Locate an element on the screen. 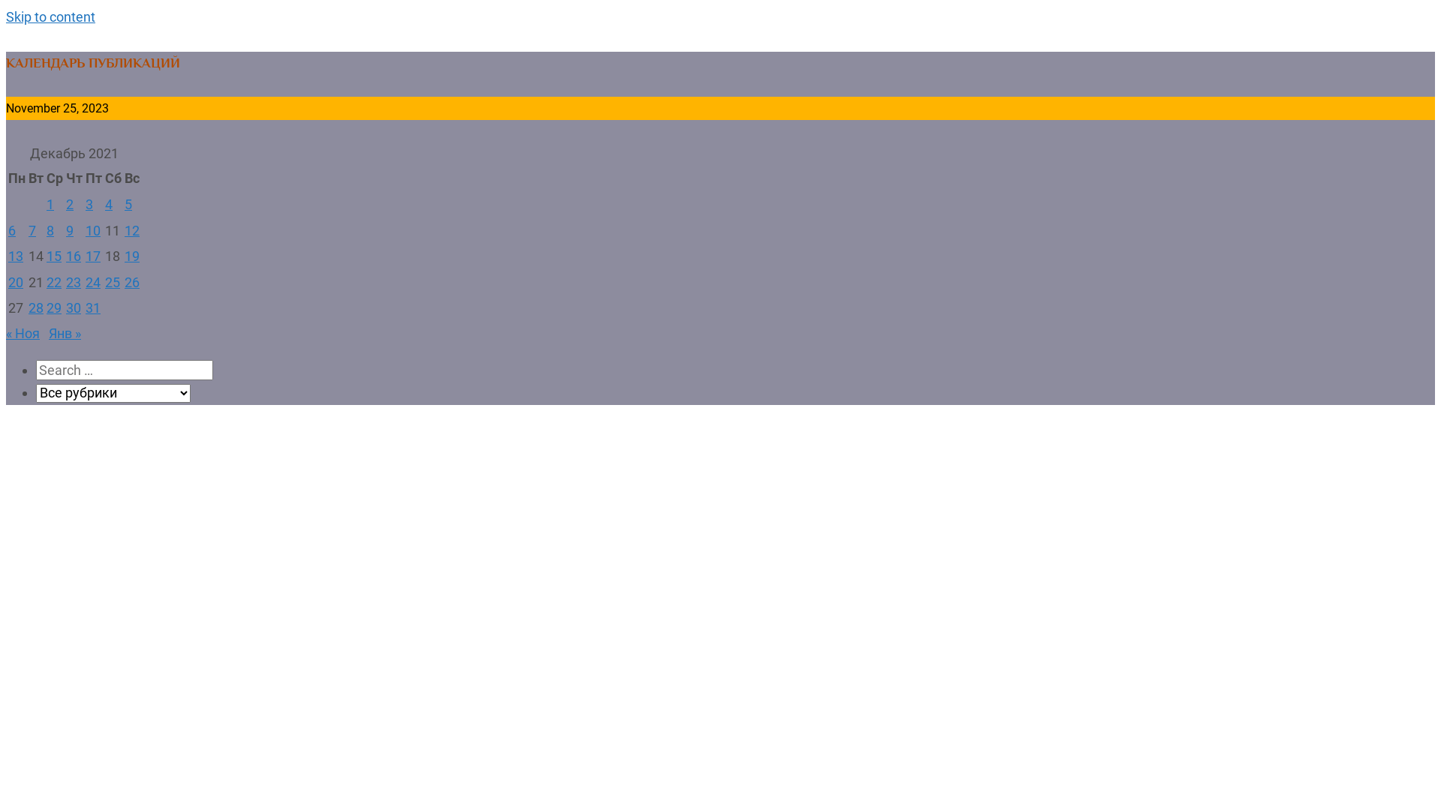 This screenshot has height=810, width=1441. '26' is located at coordinates (132, 282).